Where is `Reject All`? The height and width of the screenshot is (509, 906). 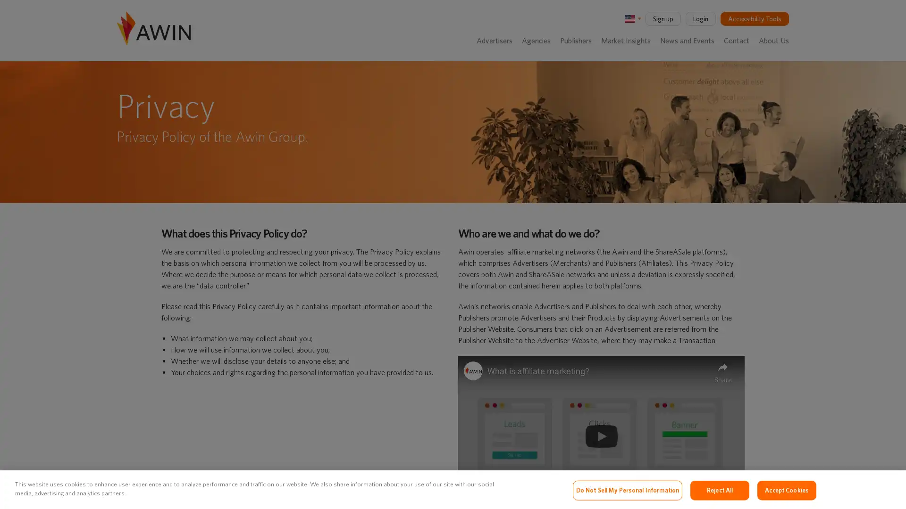 Reject All is located at coordinates (719, 490).